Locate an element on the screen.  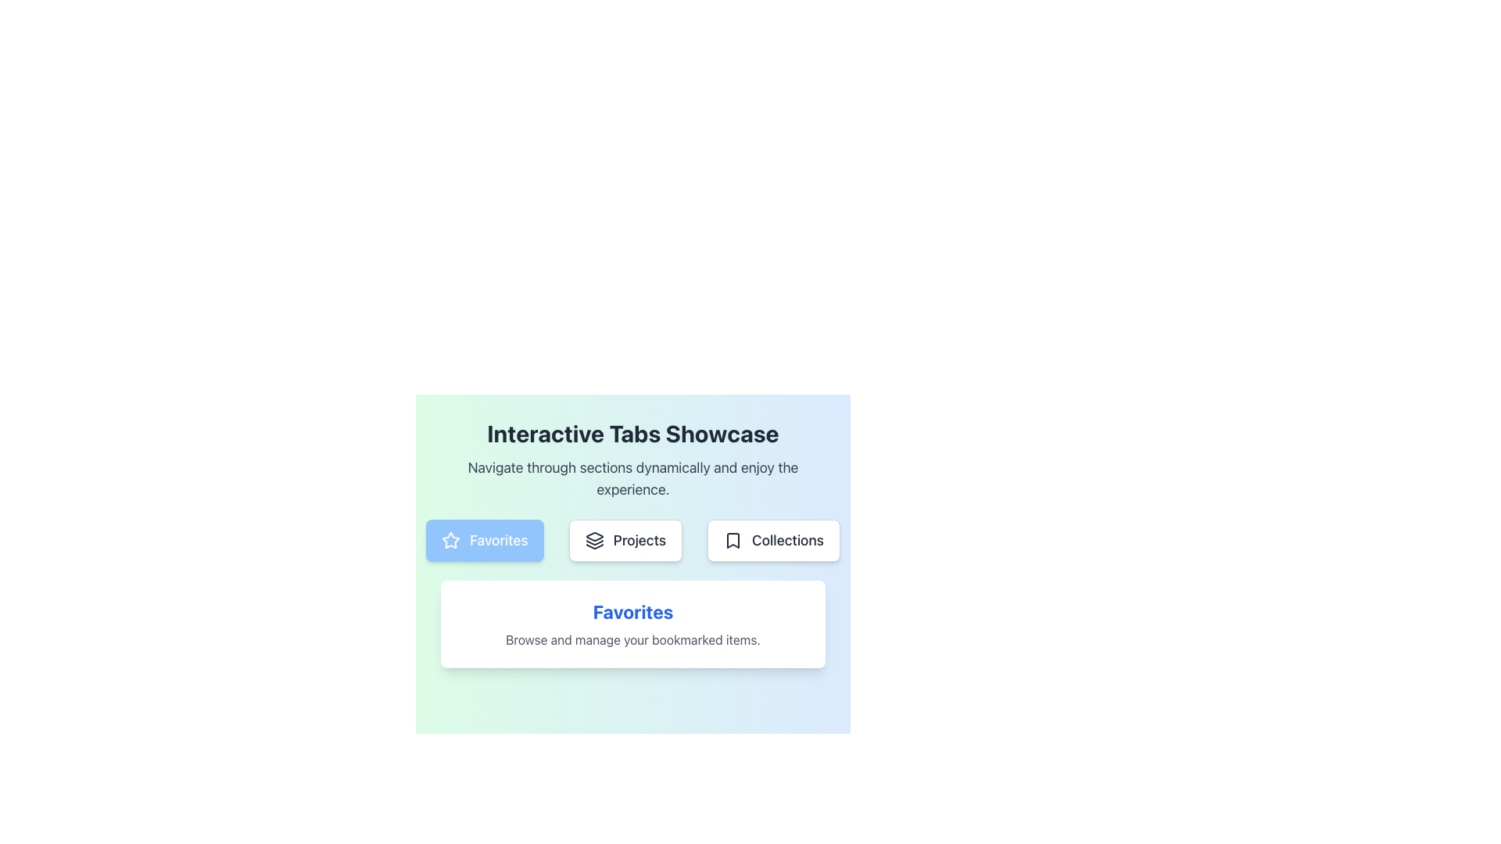
the 'Projects' icon, which is part of the button that navigates to the 'Projects' section is located at coordinates (593, 539).